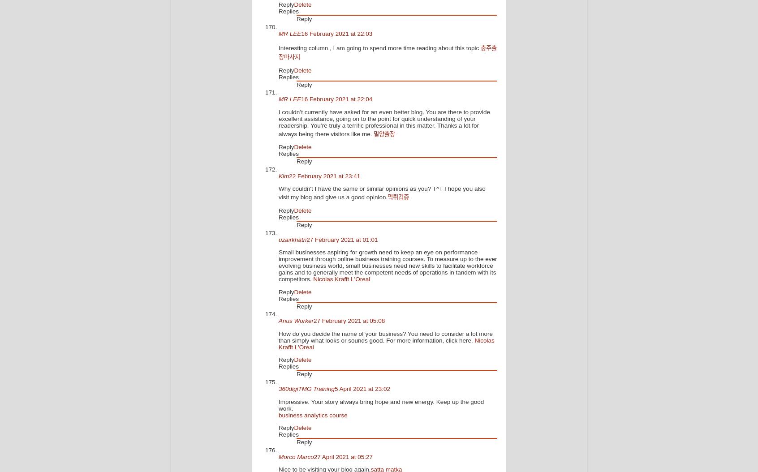  What do you see at coordinates (336, 99) in the screenshot?
I see `'16 February 2021 at 22:04'` at bounding box center [336, 99].